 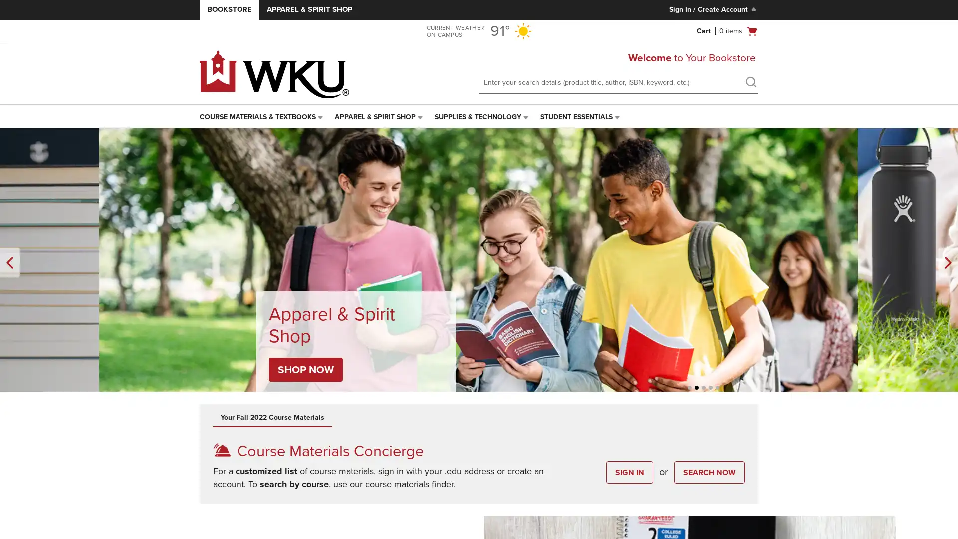 I want to click on Sign In/Create Account, so click(x=713, y=9).